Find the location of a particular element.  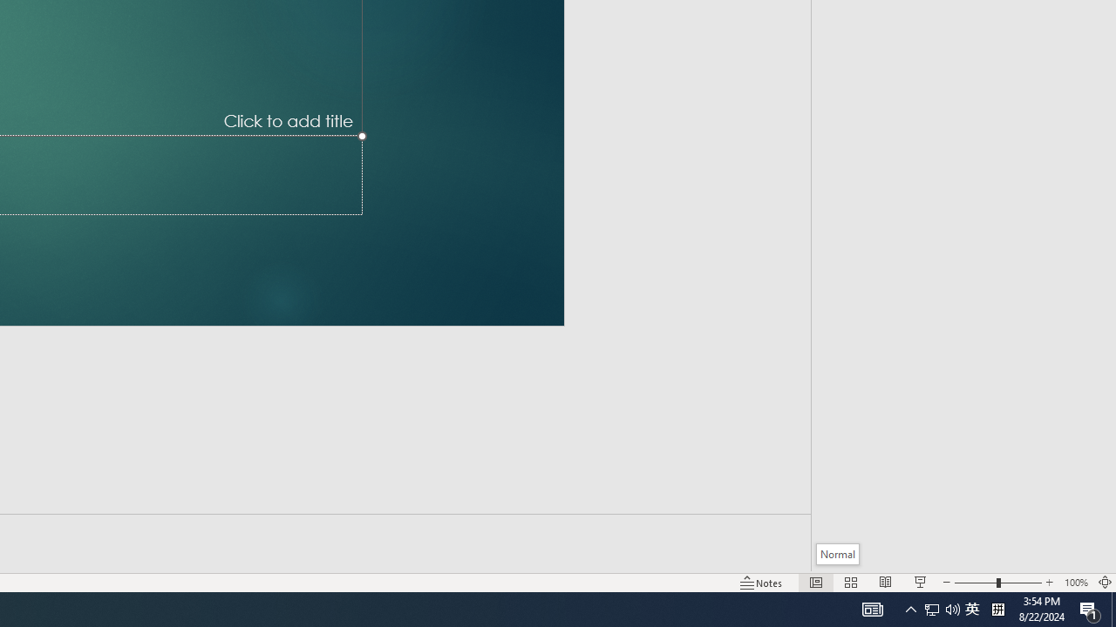

'Zoom 100%' is located at coordinates (1075, 583).